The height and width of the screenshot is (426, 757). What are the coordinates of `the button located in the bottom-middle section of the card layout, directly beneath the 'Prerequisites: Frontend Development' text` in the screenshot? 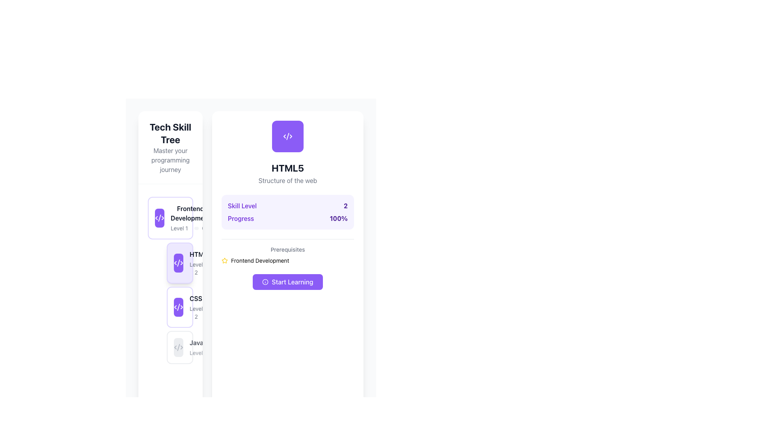 It's located at (287, 281).